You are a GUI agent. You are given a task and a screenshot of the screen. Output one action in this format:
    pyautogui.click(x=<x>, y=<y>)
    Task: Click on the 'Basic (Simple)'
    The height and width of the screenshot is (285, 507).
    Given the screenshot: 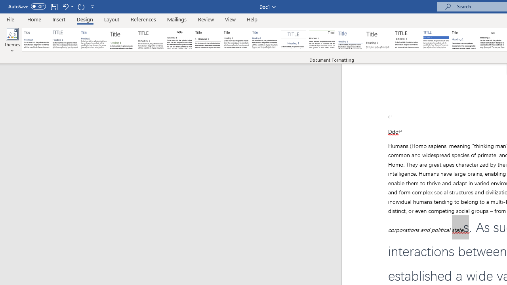 What is the action you would take?
    pyautogui.click(x=93, y=40)
    